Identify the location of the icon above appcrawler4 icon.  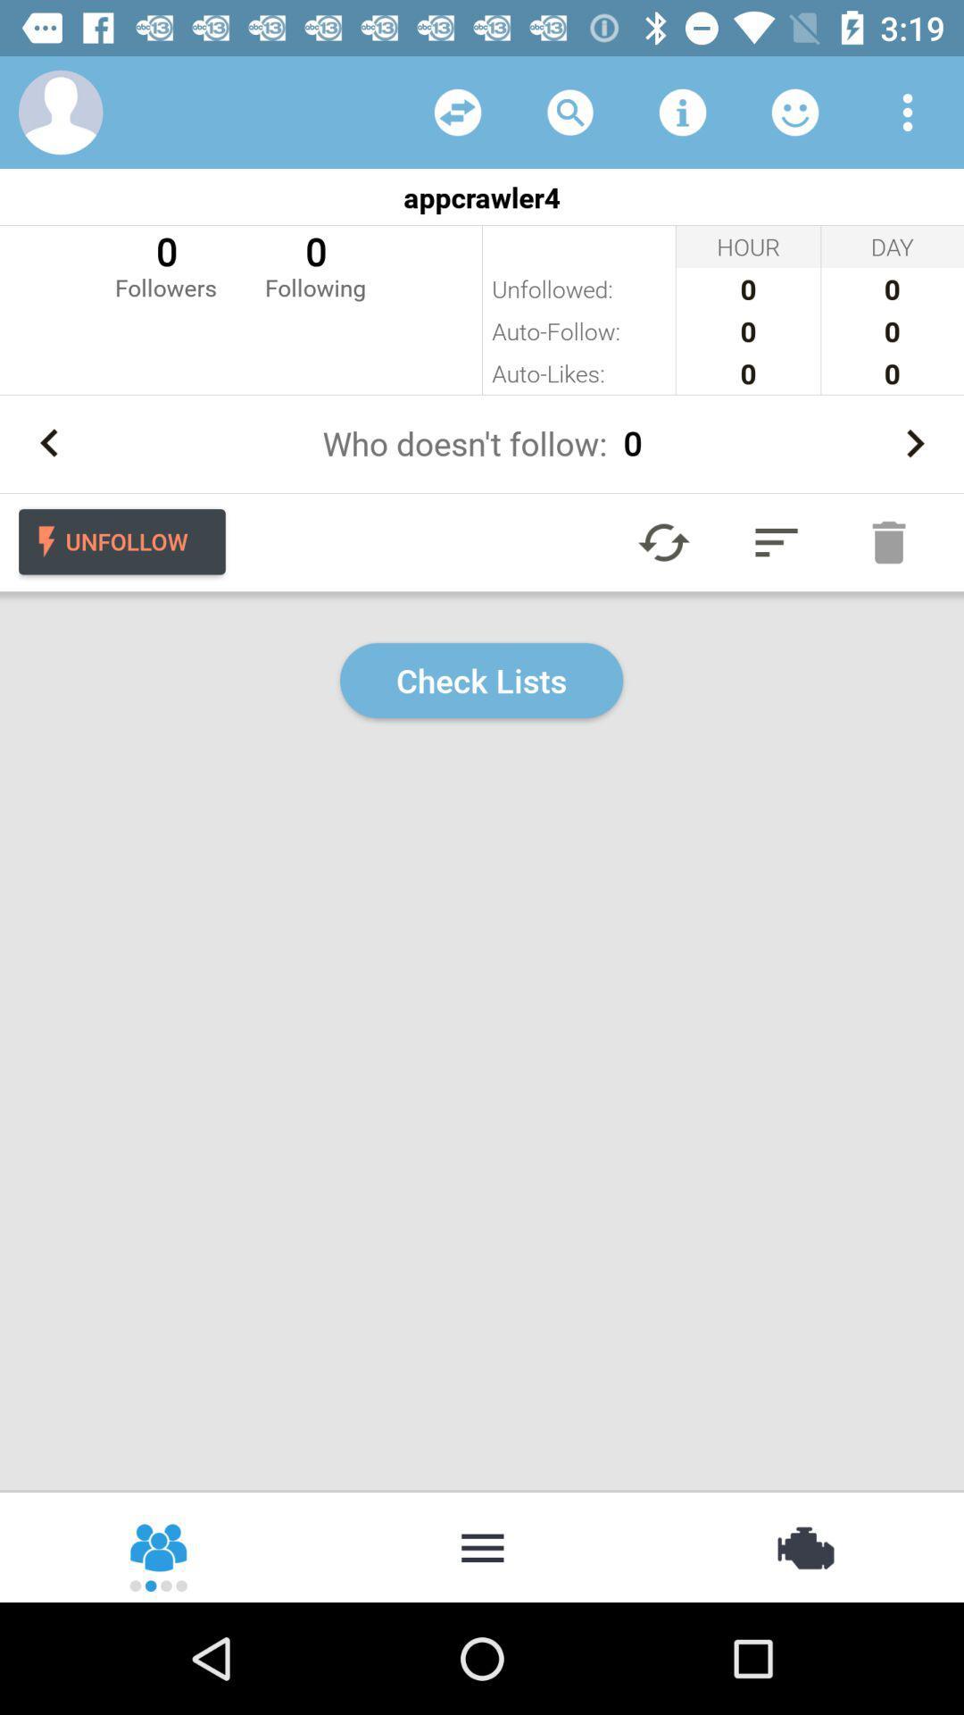
(794, 111).